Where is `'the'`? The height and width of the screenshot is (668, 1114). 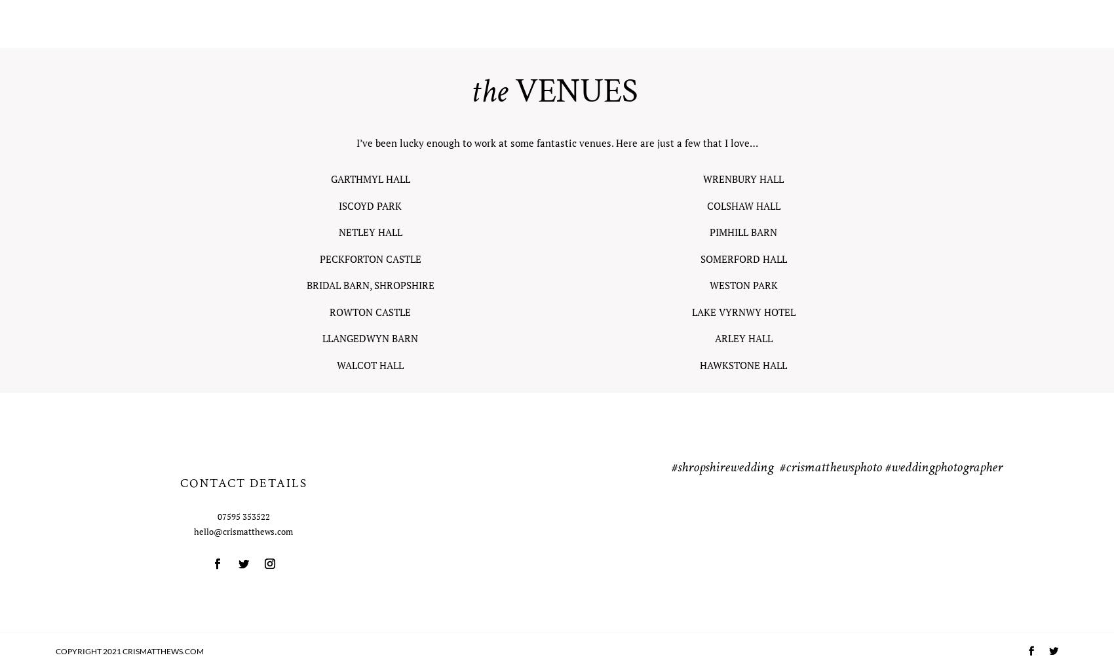 'the' is located at coordinates (488, 92).